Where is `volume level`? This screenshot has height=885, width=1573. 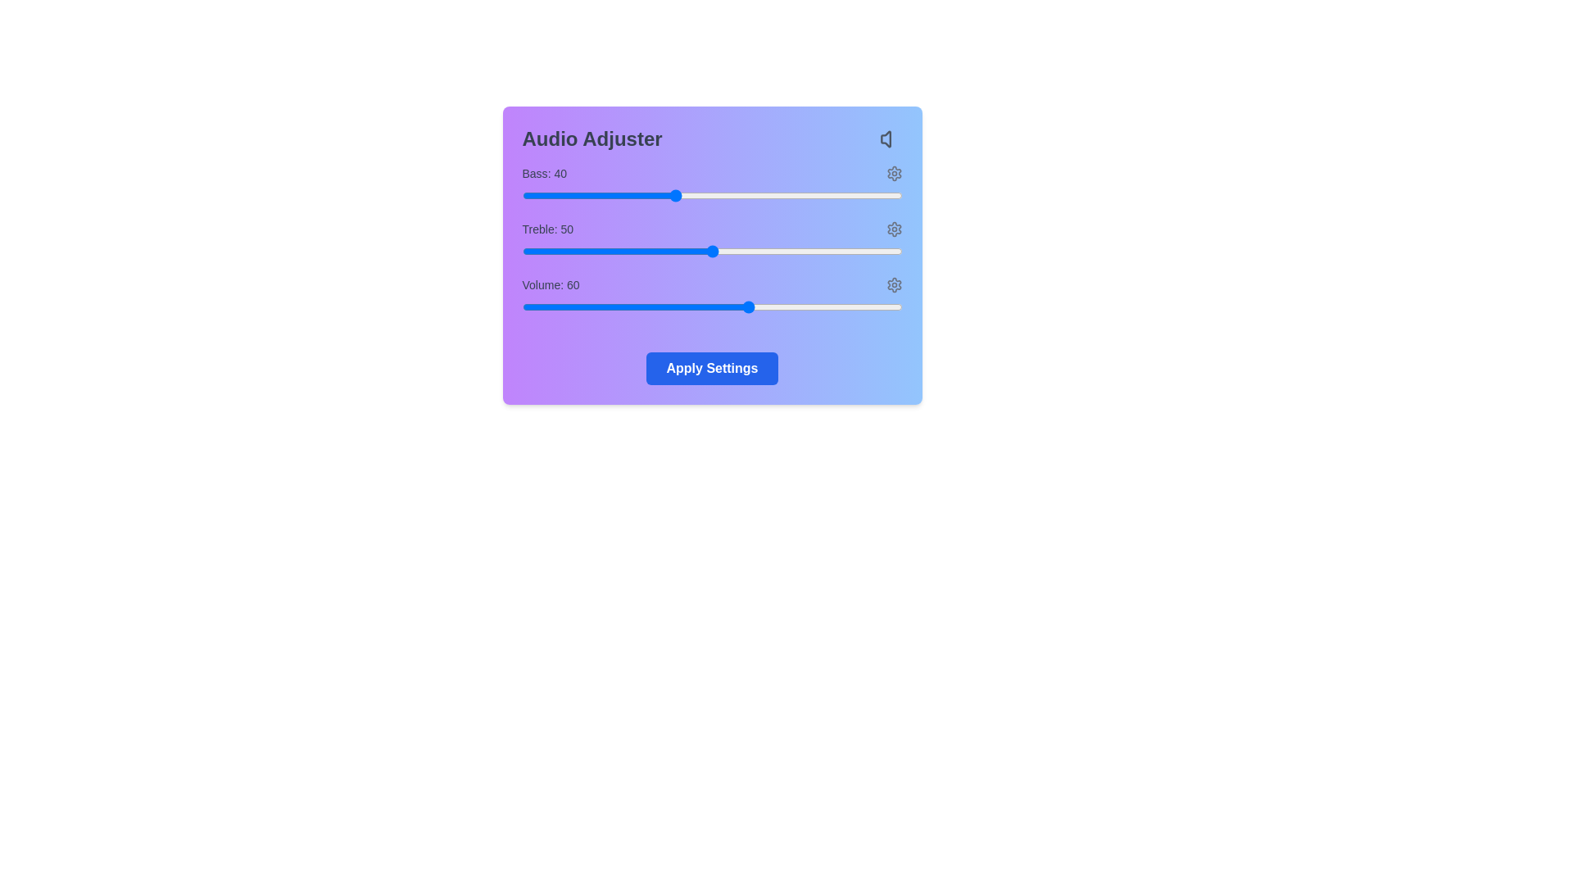
volume level is located at coordinates (612, 306).